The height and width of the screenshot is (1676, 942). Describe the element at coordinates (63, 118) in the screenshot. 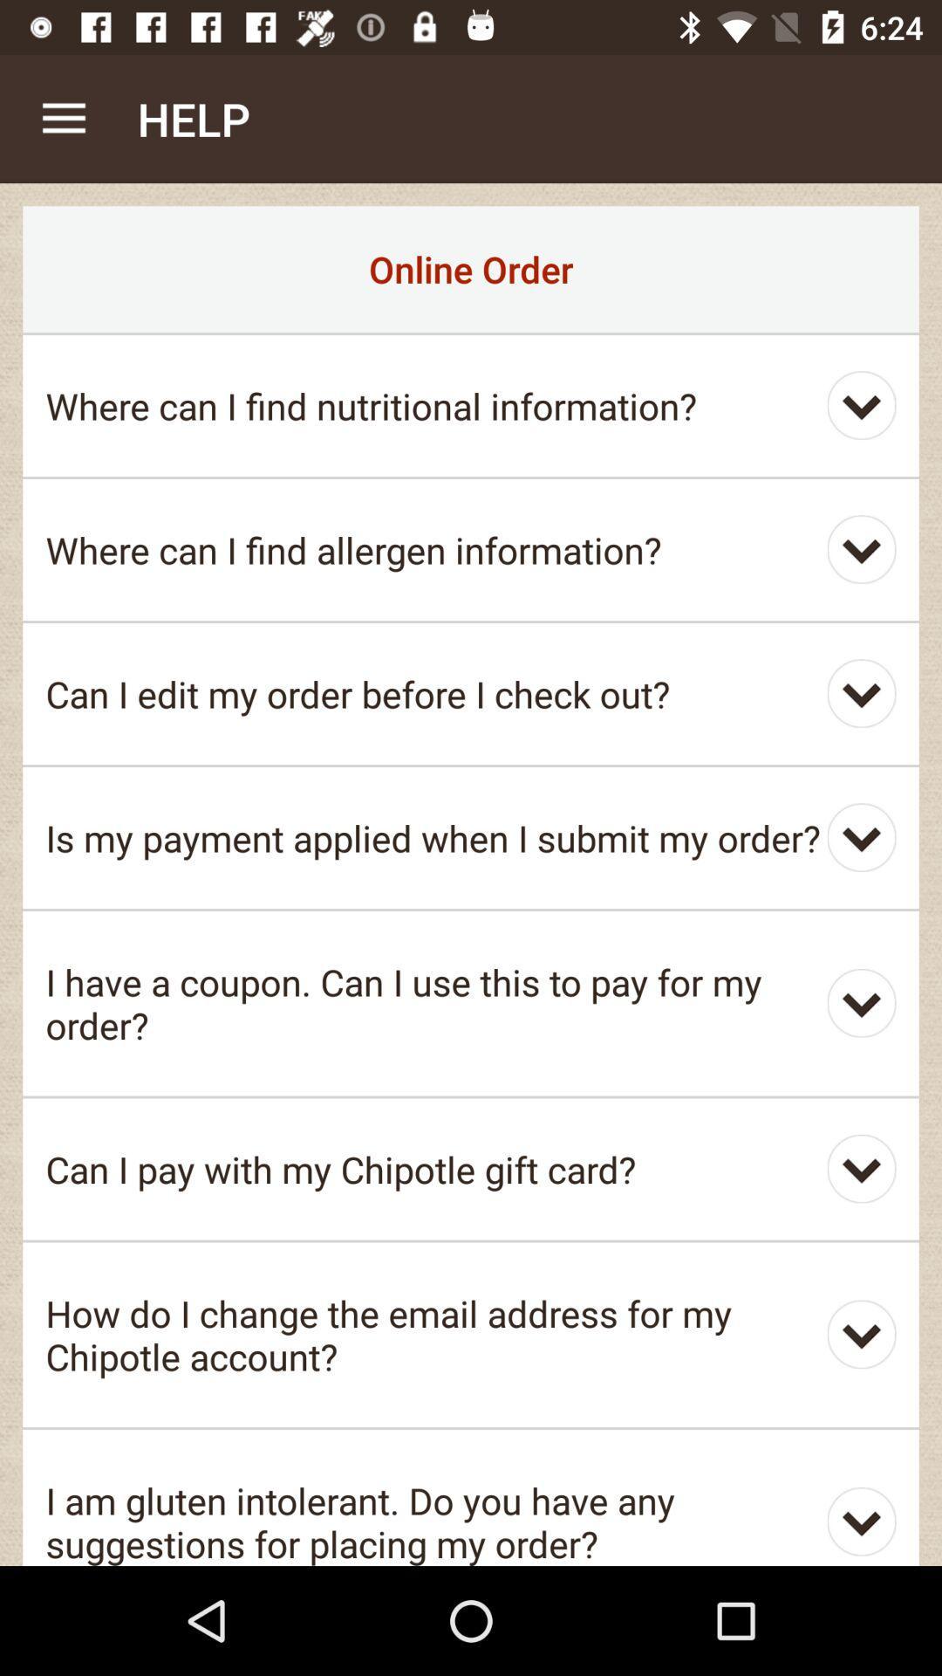

I see `item next to the help app` at that location.